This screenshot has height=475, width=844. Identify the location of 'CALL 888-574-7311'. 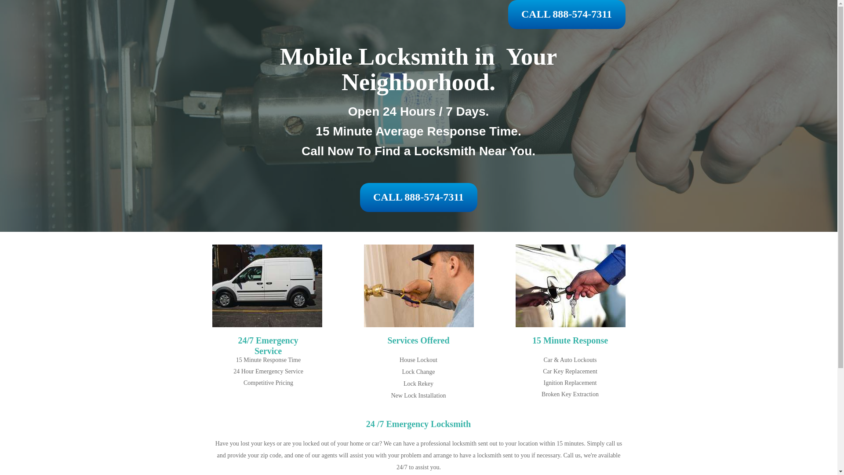
(418, 197).